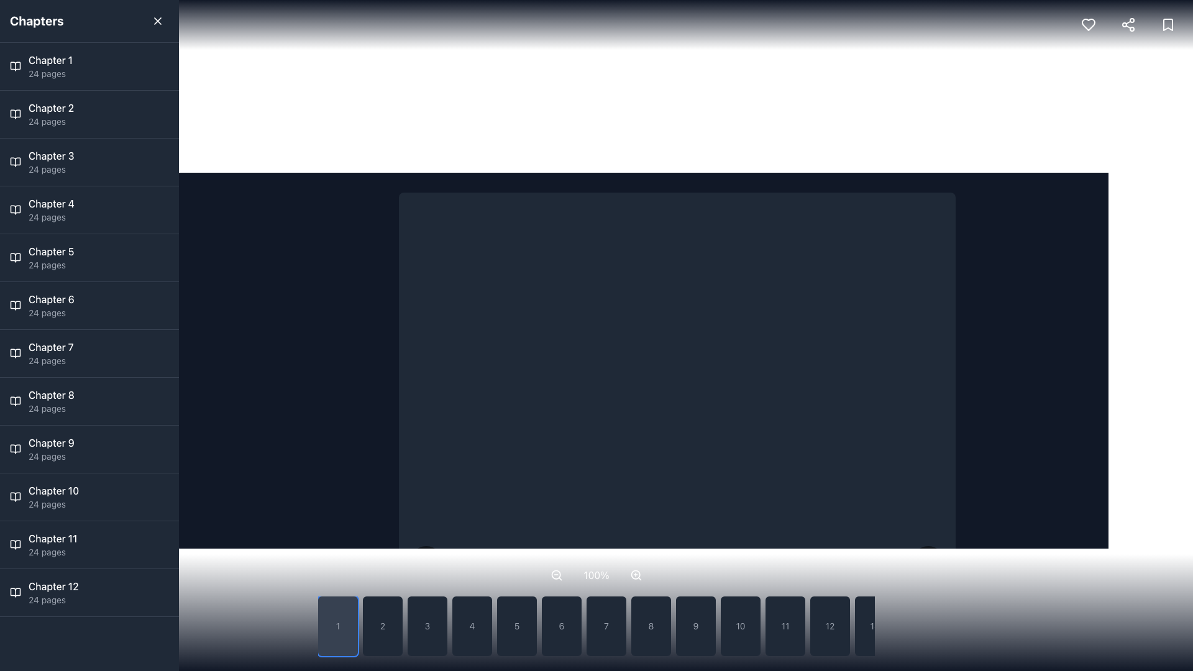 Image resolution: width=1193 pixels, height=671 pixels. What do you see at coordinates (50, 457) in the screenshot?
I see `the text label that provides additional information about Chapter 9, specifically the number of pages it contains, located directly below the title 'Chapter 9'` at bounding box center [50, 457].